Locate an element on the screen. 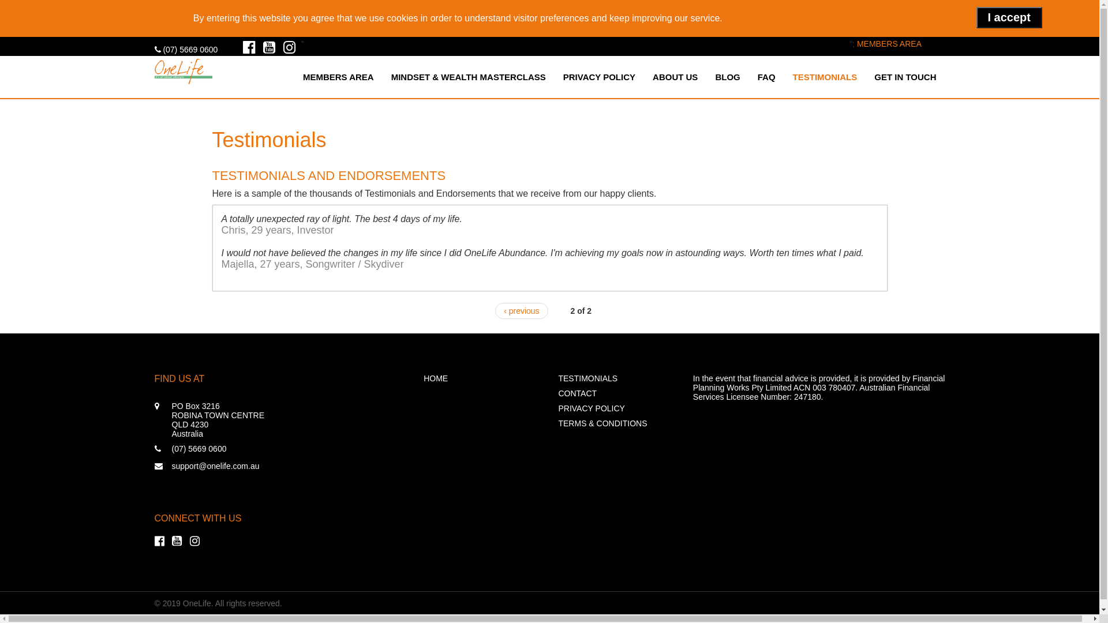 The width and height of the screenshot is (1108, 623). 'HOME' is located at coordinates (482, 378).